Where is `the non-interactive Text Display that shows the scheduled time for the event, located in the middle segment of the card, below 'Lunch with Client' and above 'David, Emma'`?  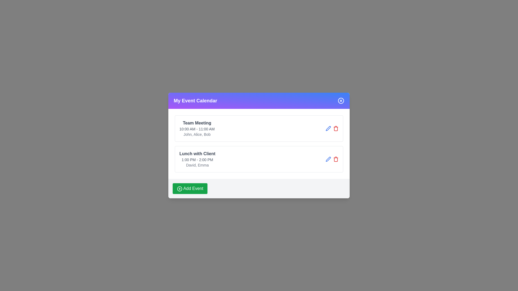 the non-interactive Text Display that shows the scheduled time for the event, located in the middle segment of the card, below 'Lunch with Client' and above 'David, Emma' is located at coordinates (197, 160).